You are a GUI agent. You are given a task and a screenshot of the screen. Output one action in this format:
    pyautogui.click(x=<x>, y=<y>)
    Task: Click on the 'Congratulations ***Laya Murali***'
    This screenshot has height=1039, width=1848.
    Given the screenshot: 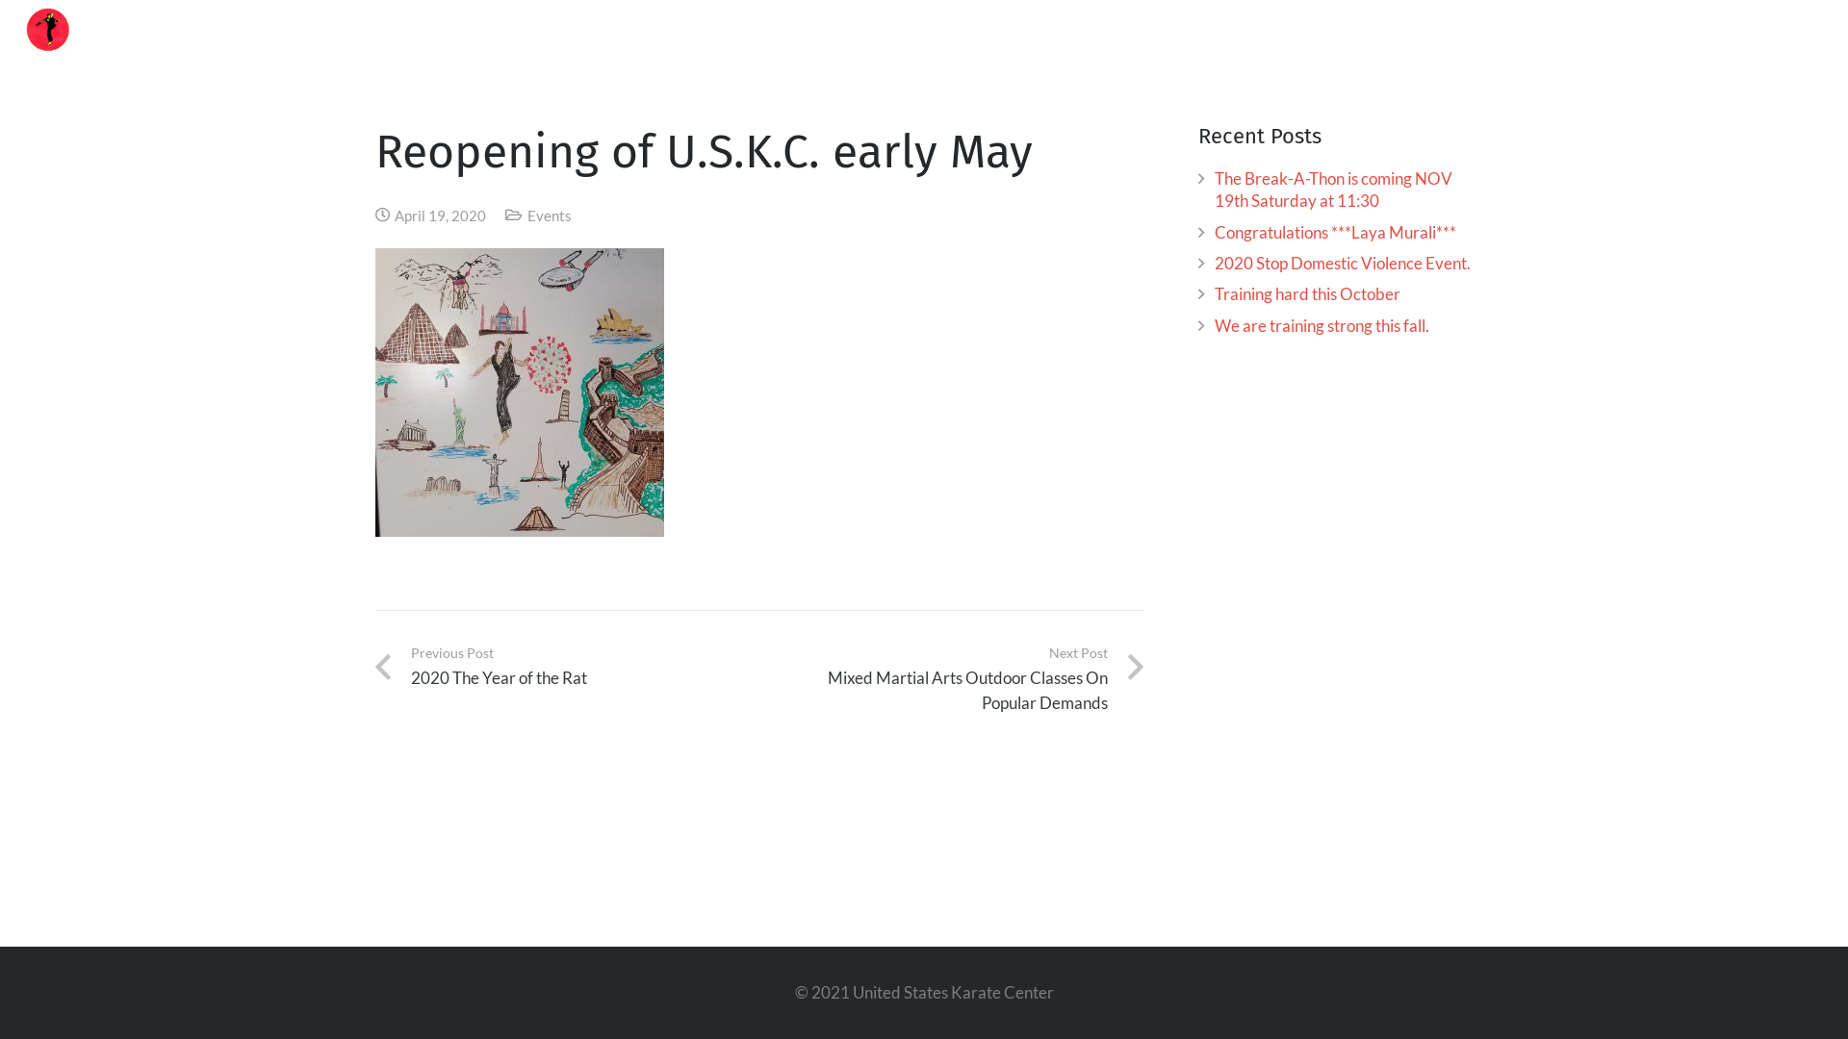 What is the action you would take?
    pyautogui.click(x=1334, y=231)
    